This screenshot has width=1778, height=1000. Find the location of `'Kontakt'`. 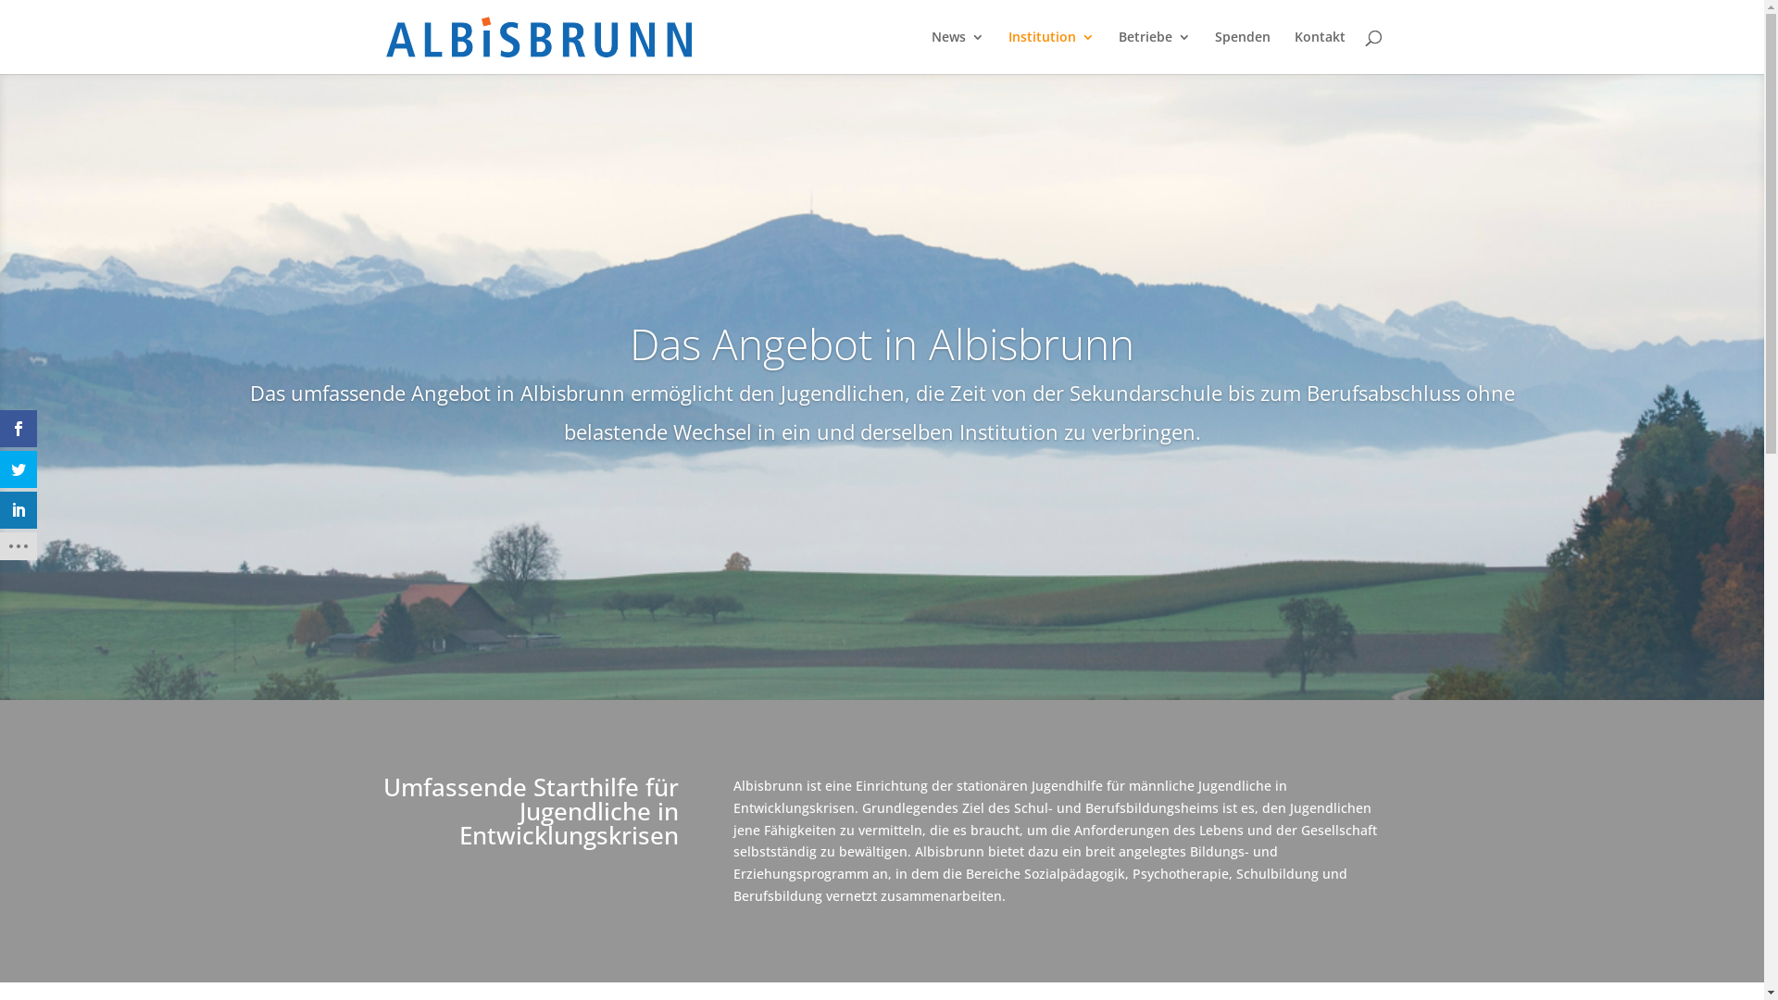

'Kontakt' is located at coordinates (1293, 51).